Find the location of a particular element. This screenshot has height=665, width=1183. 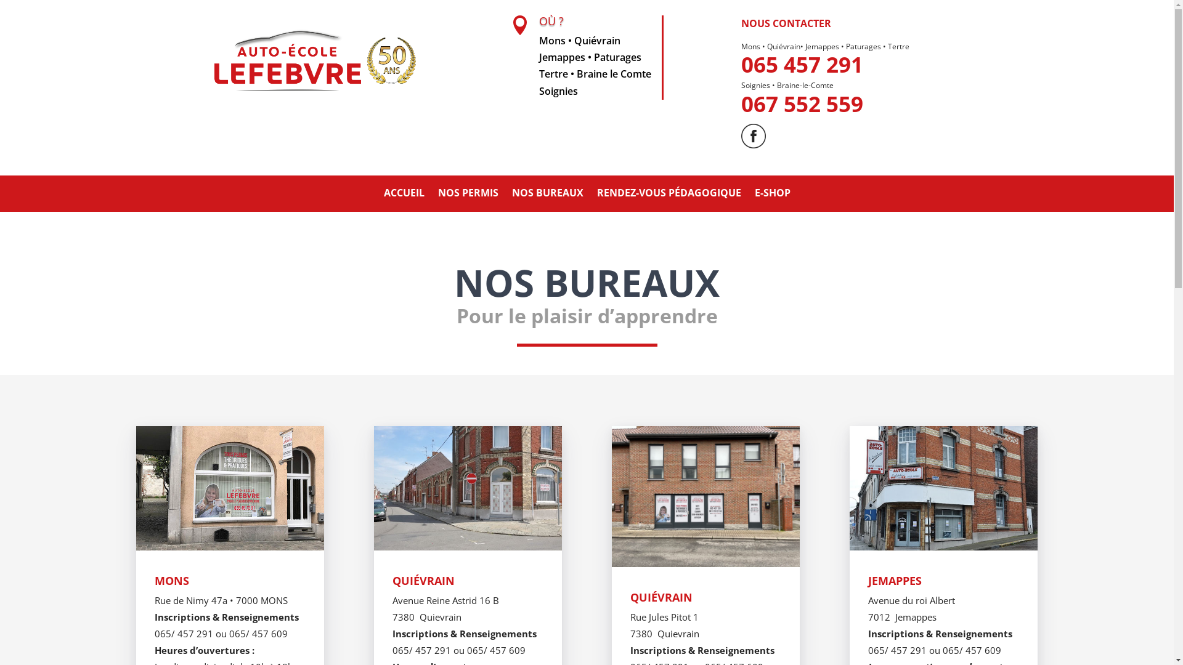

'065 457 291' is located at coordinates (802, 64).